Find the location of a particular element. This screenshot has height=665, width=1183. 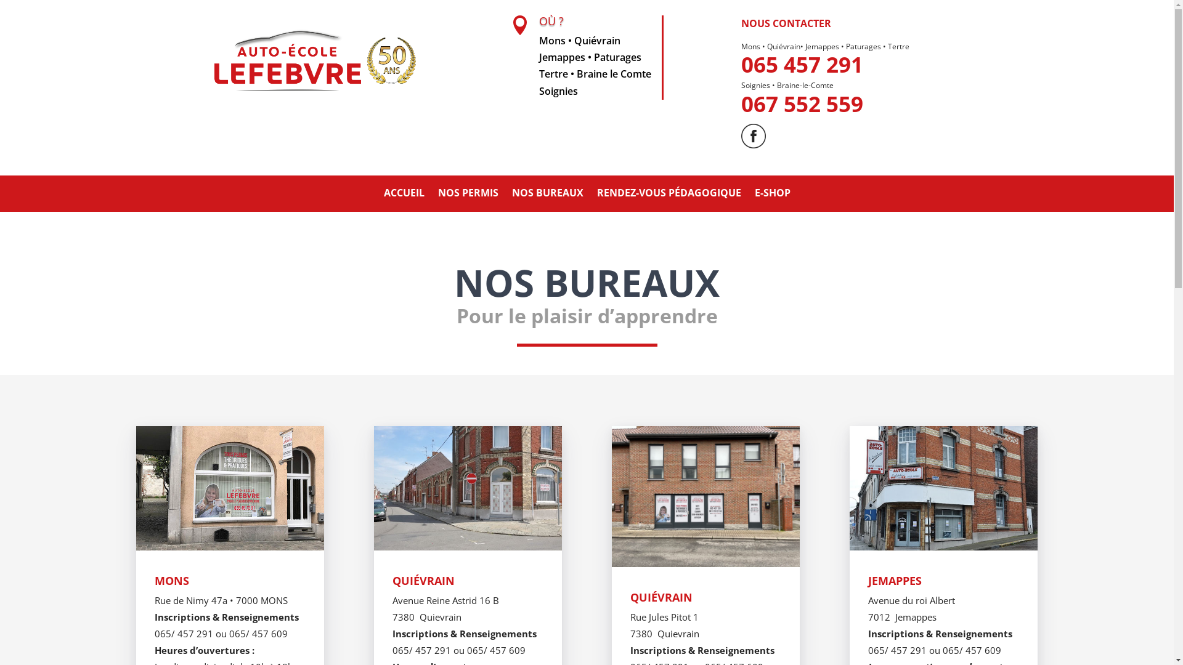

'065 457 291' is located at coordinates (802, 64).